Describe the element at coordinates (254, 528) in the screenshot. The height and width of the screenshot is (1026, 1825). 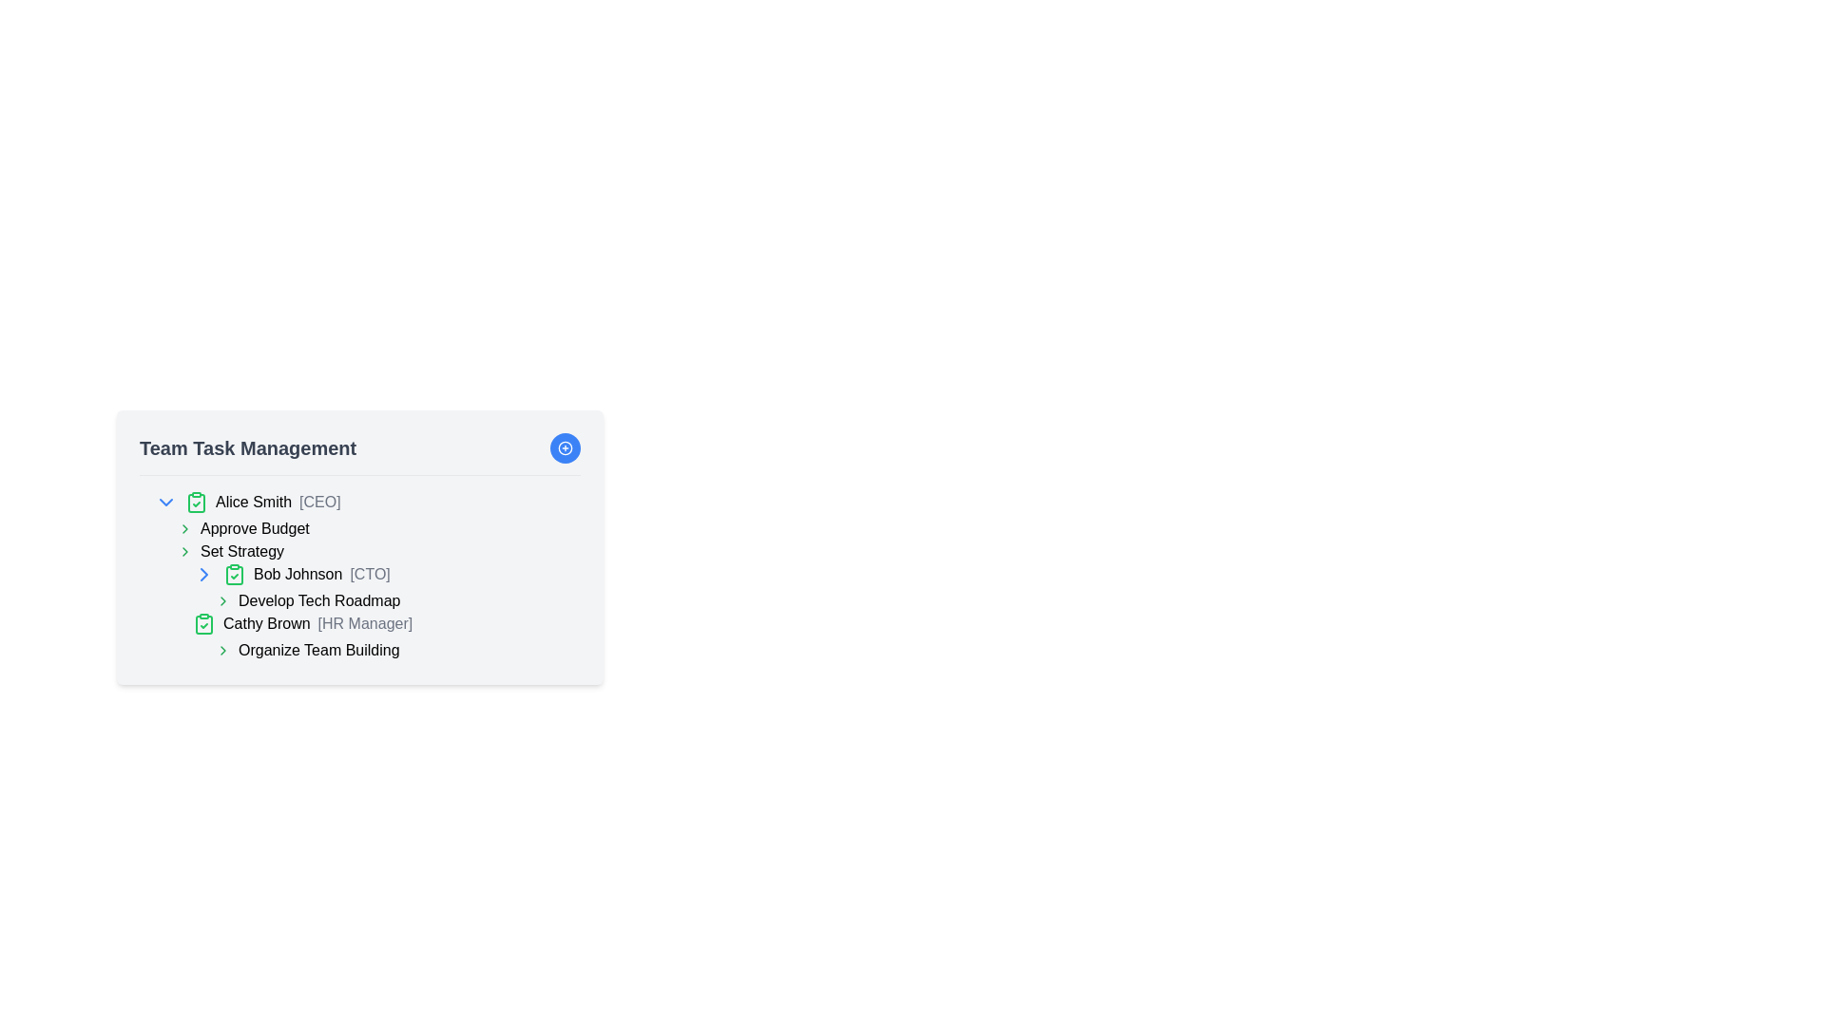
I see `the 'Approve Budget' text label element, which is styled with a regular font and is a sub-item under 'Alice Smith [CEO]', to edit it` at that location.